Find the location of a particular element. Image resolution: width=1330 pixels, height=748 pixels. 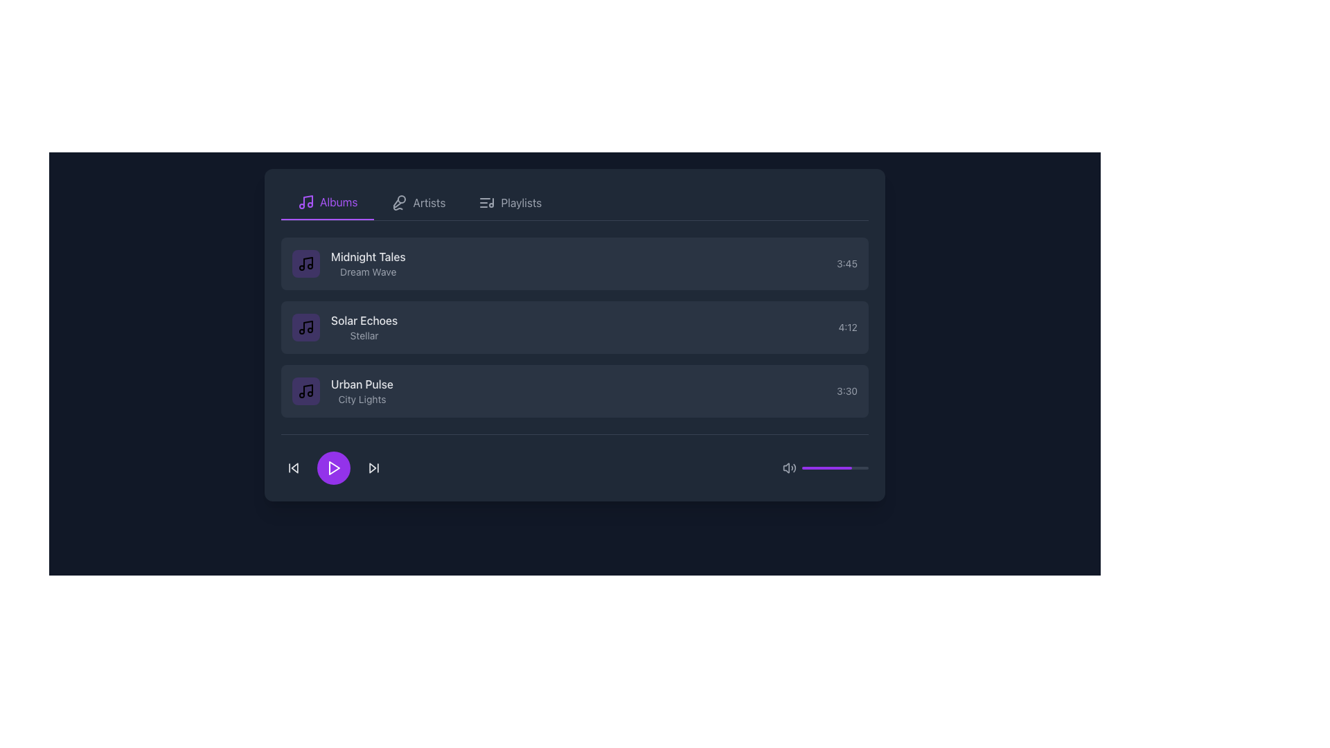

the 'Artists' tab in the navigation bar is located at coordinates (575, 203).